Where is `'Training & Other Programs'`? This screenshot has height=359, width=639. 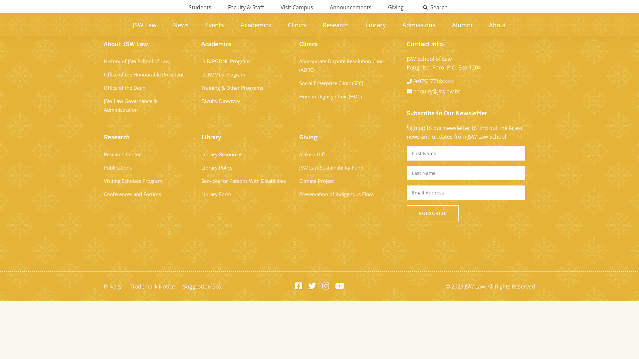
'Training & Other Programs' is located at coordinates (232, 87).